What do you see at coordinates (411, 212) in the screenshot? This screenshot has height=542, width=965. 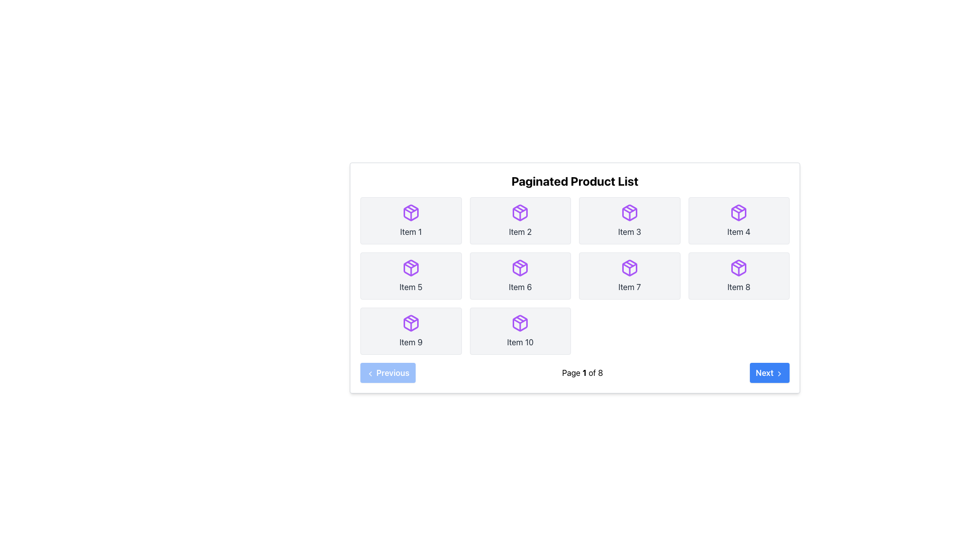 I see `the purple-colored package icon with a 3D-like design, which is the first item in the grid layout of product icons` at bounding box center [411, 212].